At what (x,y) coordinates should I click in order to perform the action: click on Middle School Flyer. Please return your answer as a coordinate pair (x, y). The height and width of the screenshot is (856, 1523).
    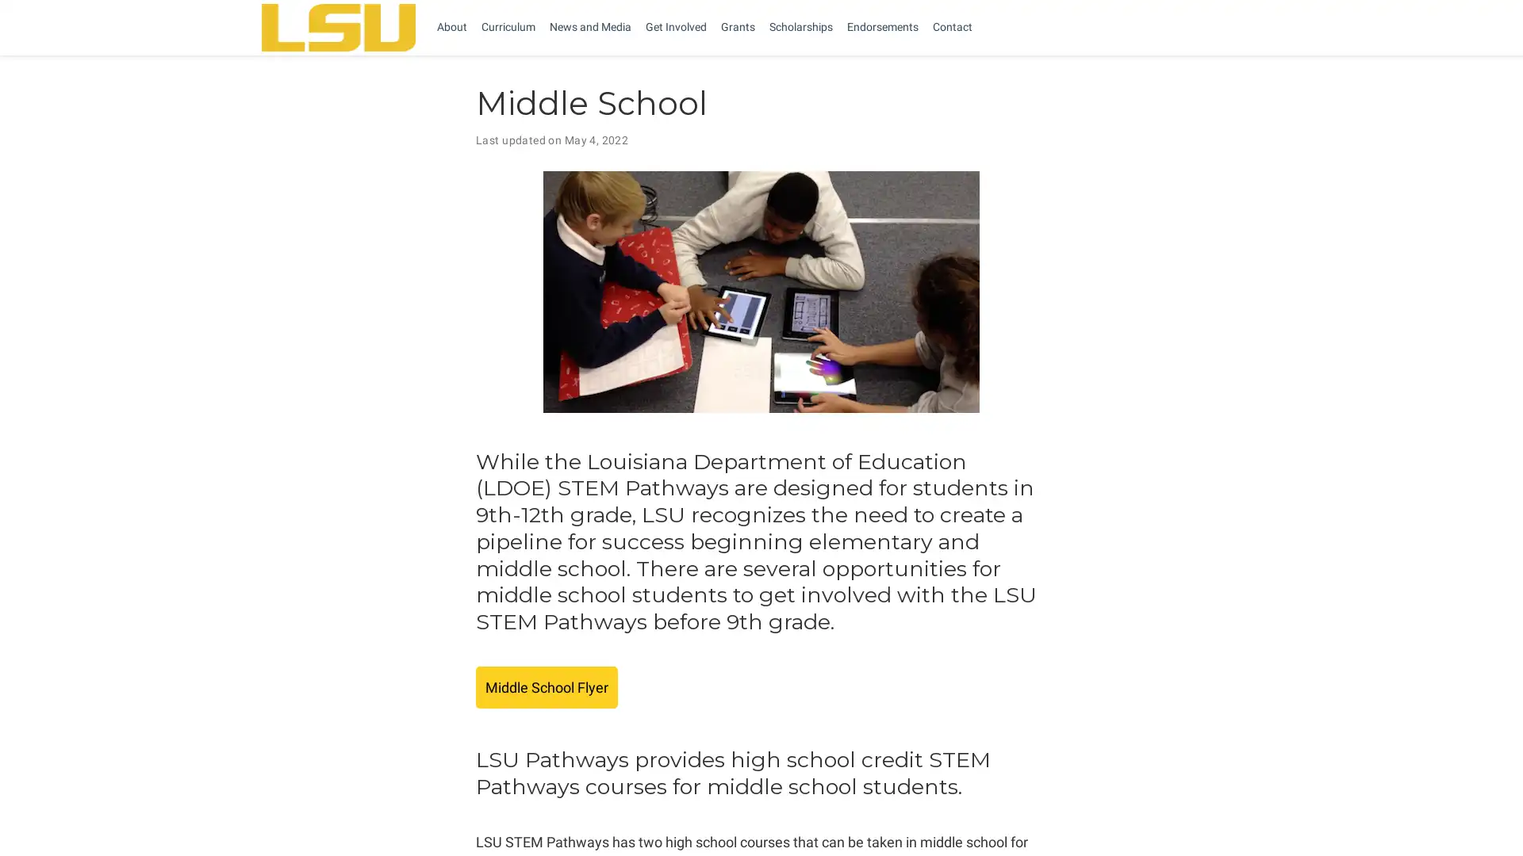
    Looking at the image, I should click on (547, 686).